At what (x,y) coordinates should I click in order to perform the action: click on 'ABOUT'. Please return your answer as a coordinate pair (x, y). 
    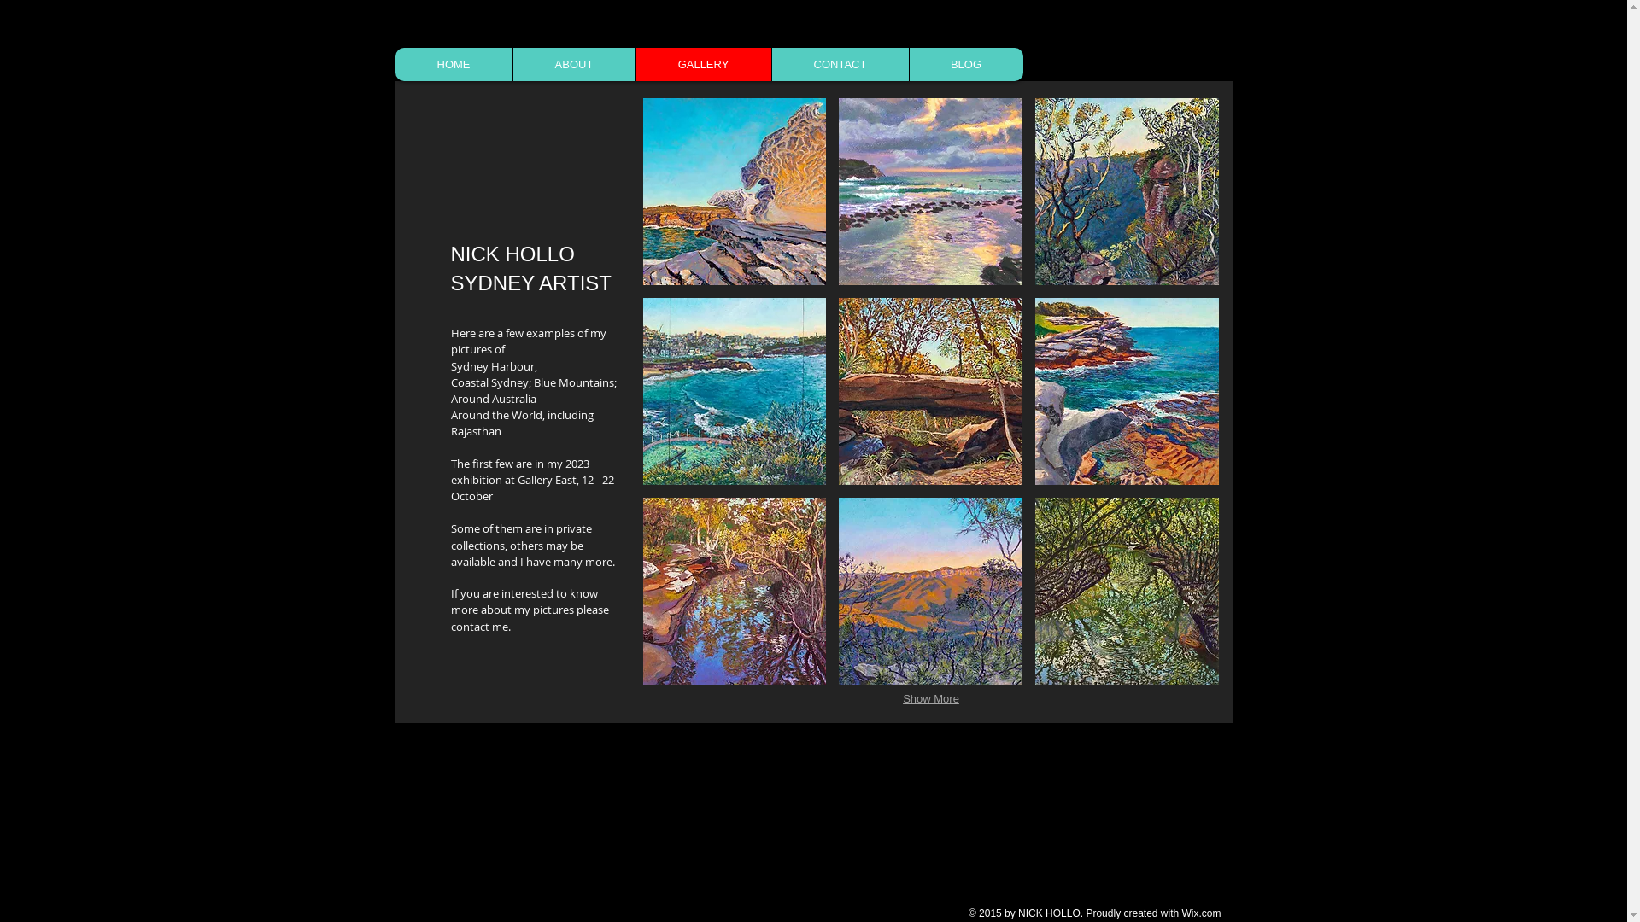
    Looking at the image, I should click on (512, 63).